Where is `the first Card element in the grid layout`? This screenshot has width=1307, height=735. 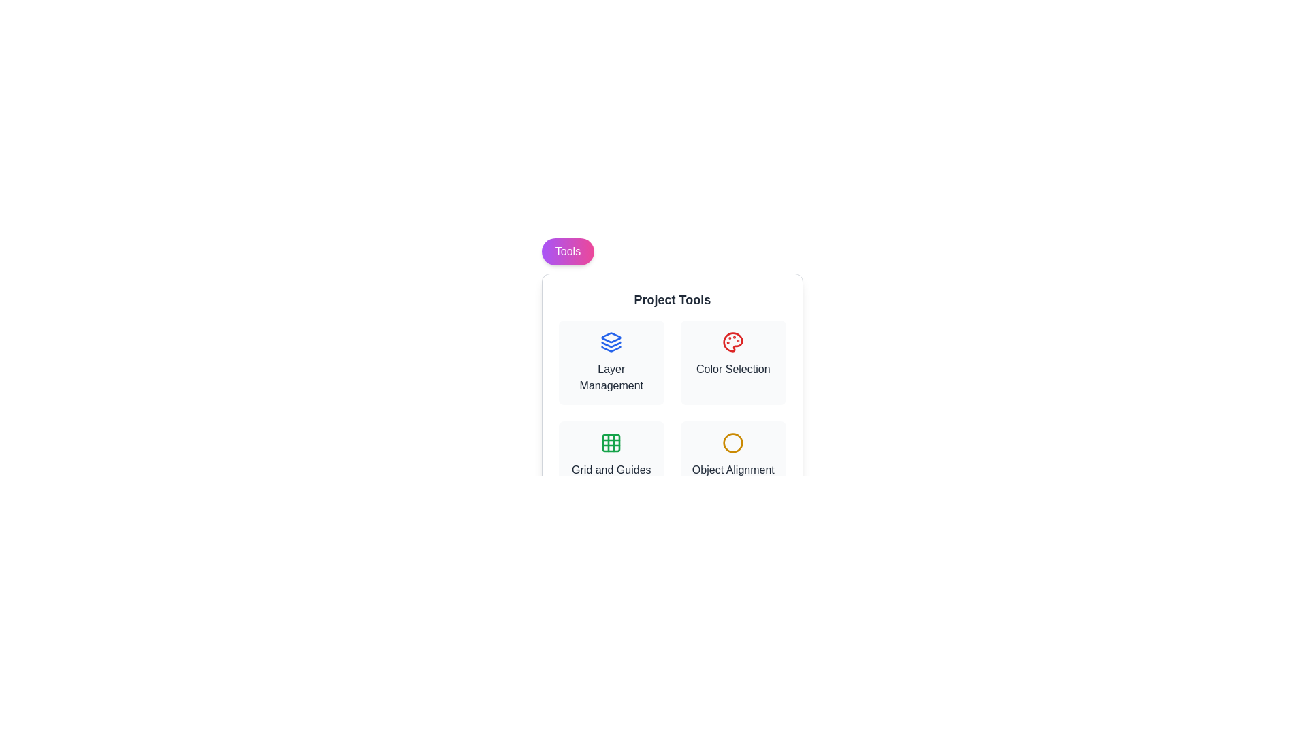
the first Card element in the grid layout is located at coordinates (611, 361).